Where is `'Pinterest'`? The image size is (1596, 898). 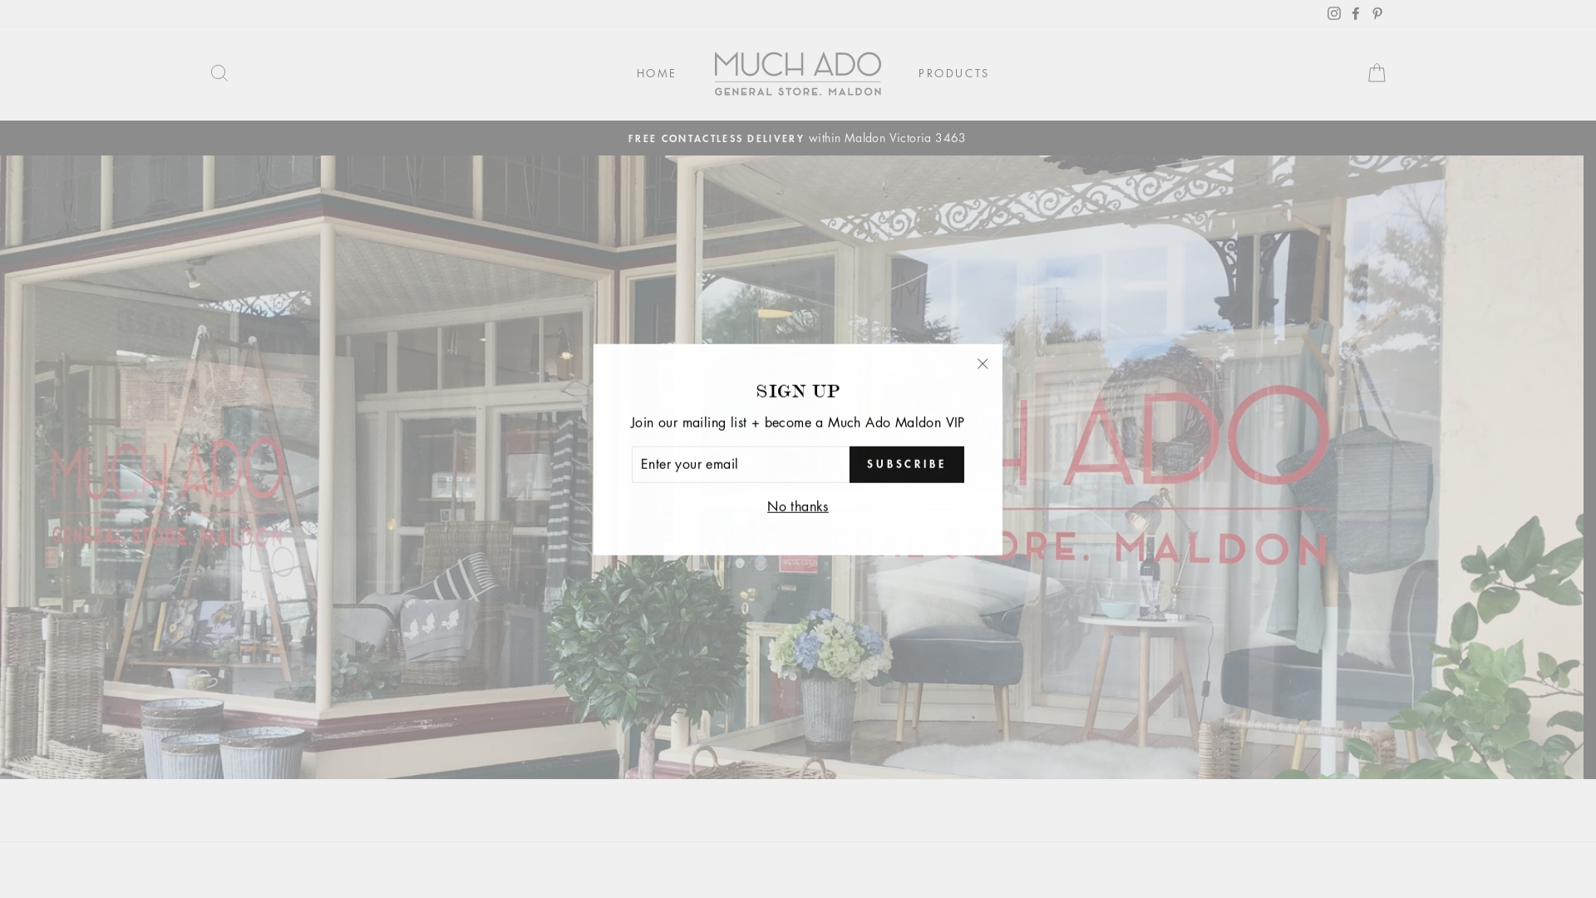 'Pinterest' is located at coordinates (1360, 12).